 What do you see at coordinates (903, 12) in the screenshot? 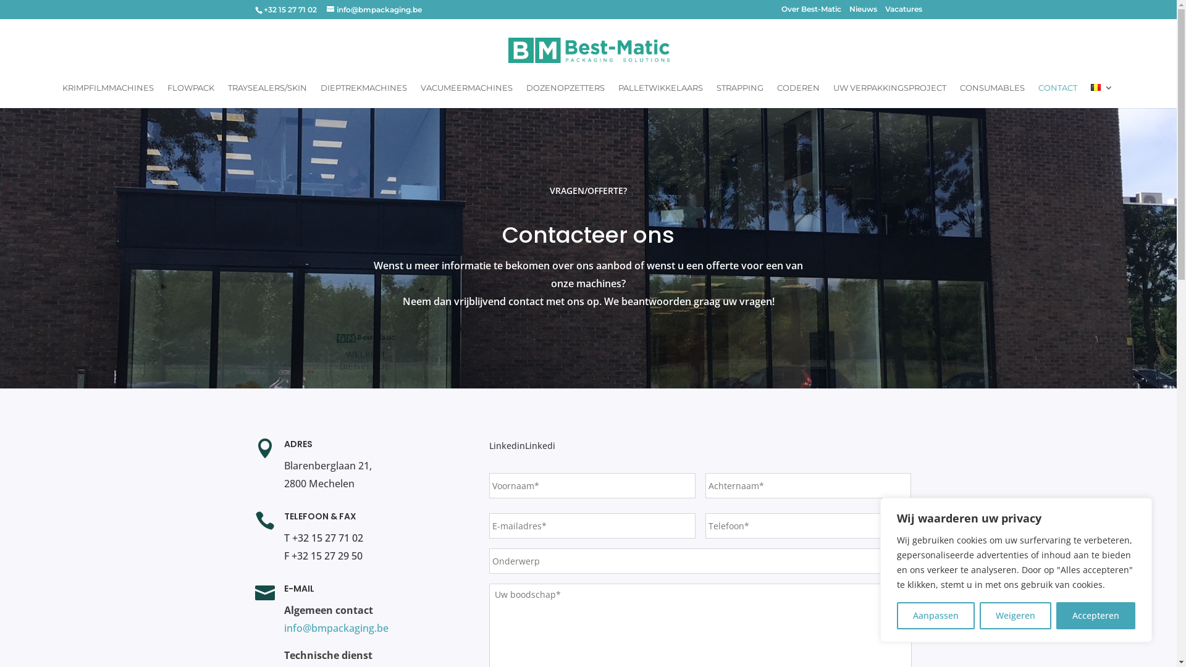
I see `'Vacatures'` at bounding box center [903, 12].